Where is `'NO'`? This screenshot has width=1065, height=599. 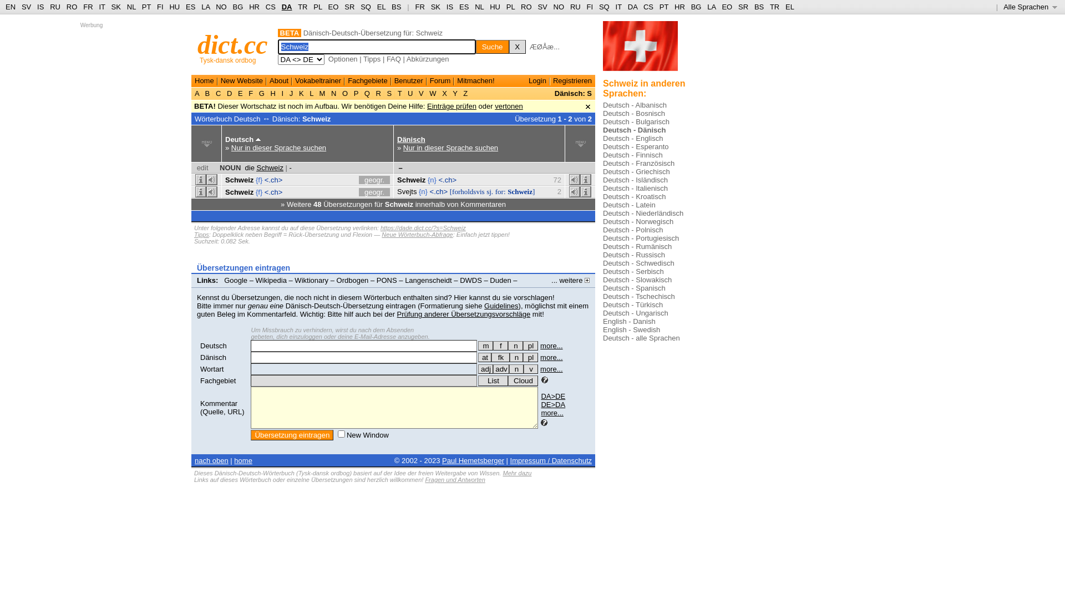 'NO' is located at coordinates (559, 7).